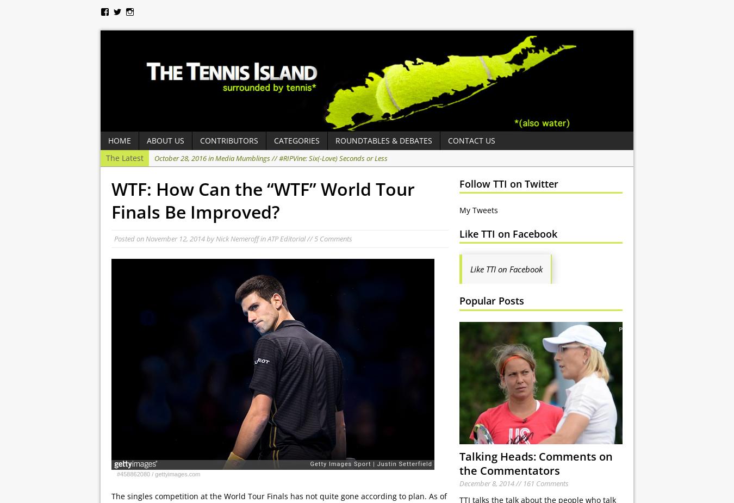  What do you see at coordinates (359, 190) in the screenshot?
I see `'A Thousand Desert Suns: WTA Shines (Despite It All) in Indian Wells'` at bounding box center [359, 190].